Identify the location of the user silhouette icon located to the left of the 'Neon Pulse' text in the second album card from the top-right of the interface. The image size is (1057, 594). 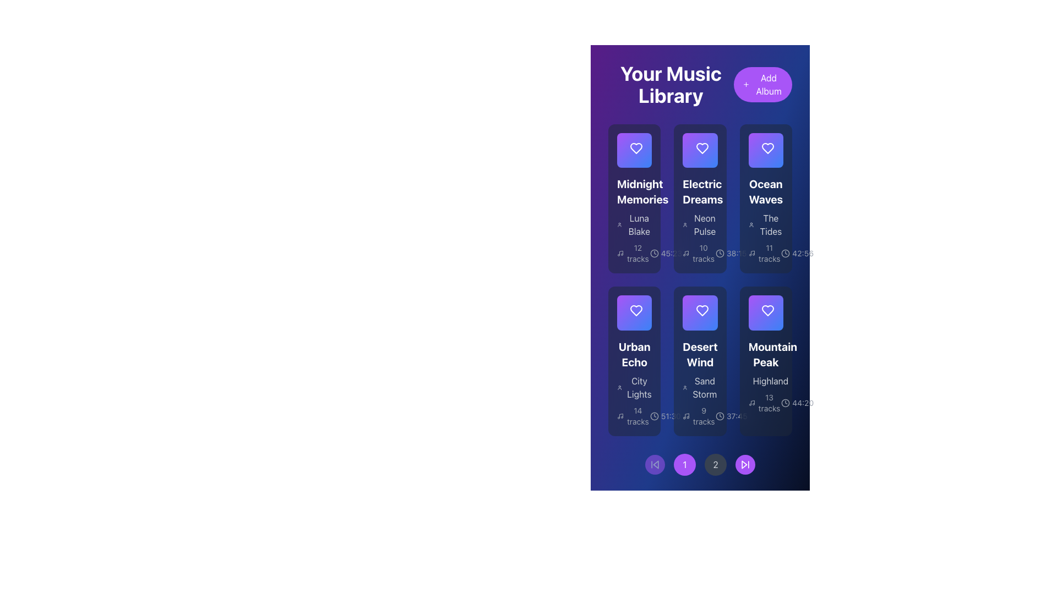
(684, 224).